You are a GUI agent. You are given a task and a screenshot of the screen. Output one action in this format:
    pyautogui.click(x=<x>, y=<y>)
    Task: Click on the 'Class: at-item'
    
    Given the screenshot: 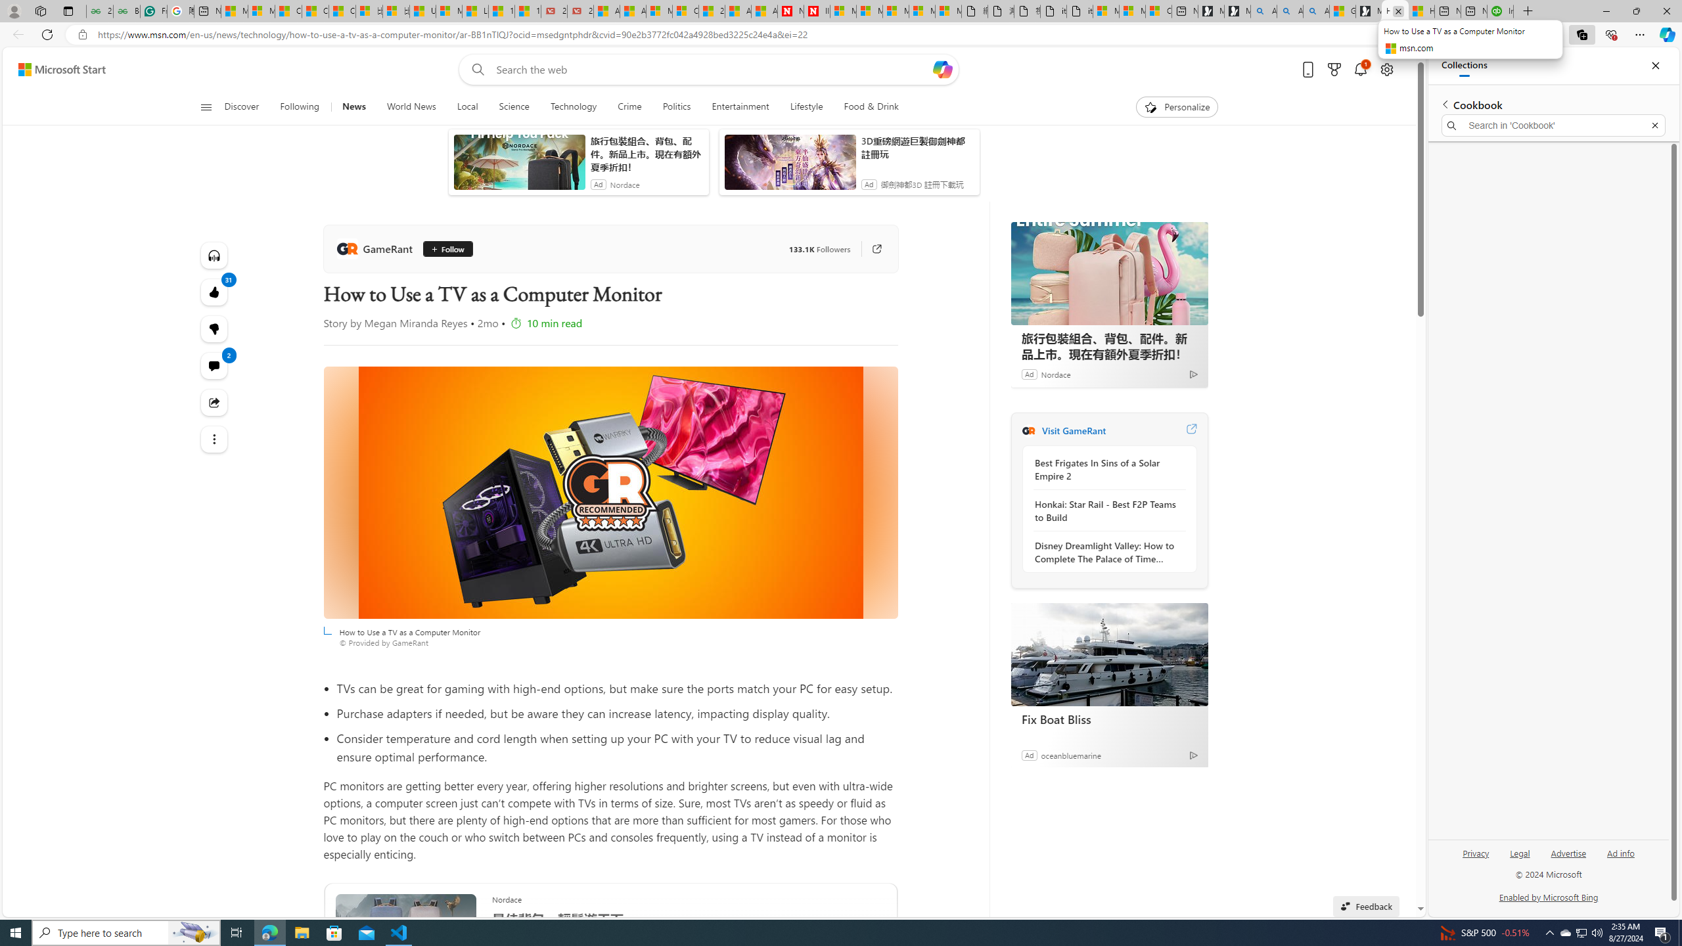 What is the action you would take?
    pyautogui.click(x=214, y=438)
    